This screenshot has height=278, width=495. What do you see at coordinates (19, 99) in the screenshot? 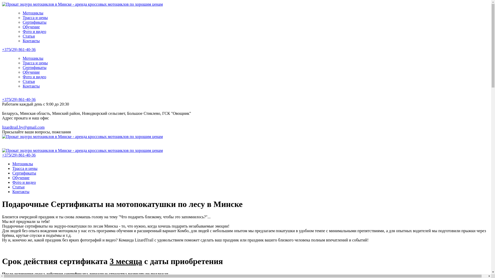
I see `'+375(29) 861-40-36'` at bounding box center [19, 99].